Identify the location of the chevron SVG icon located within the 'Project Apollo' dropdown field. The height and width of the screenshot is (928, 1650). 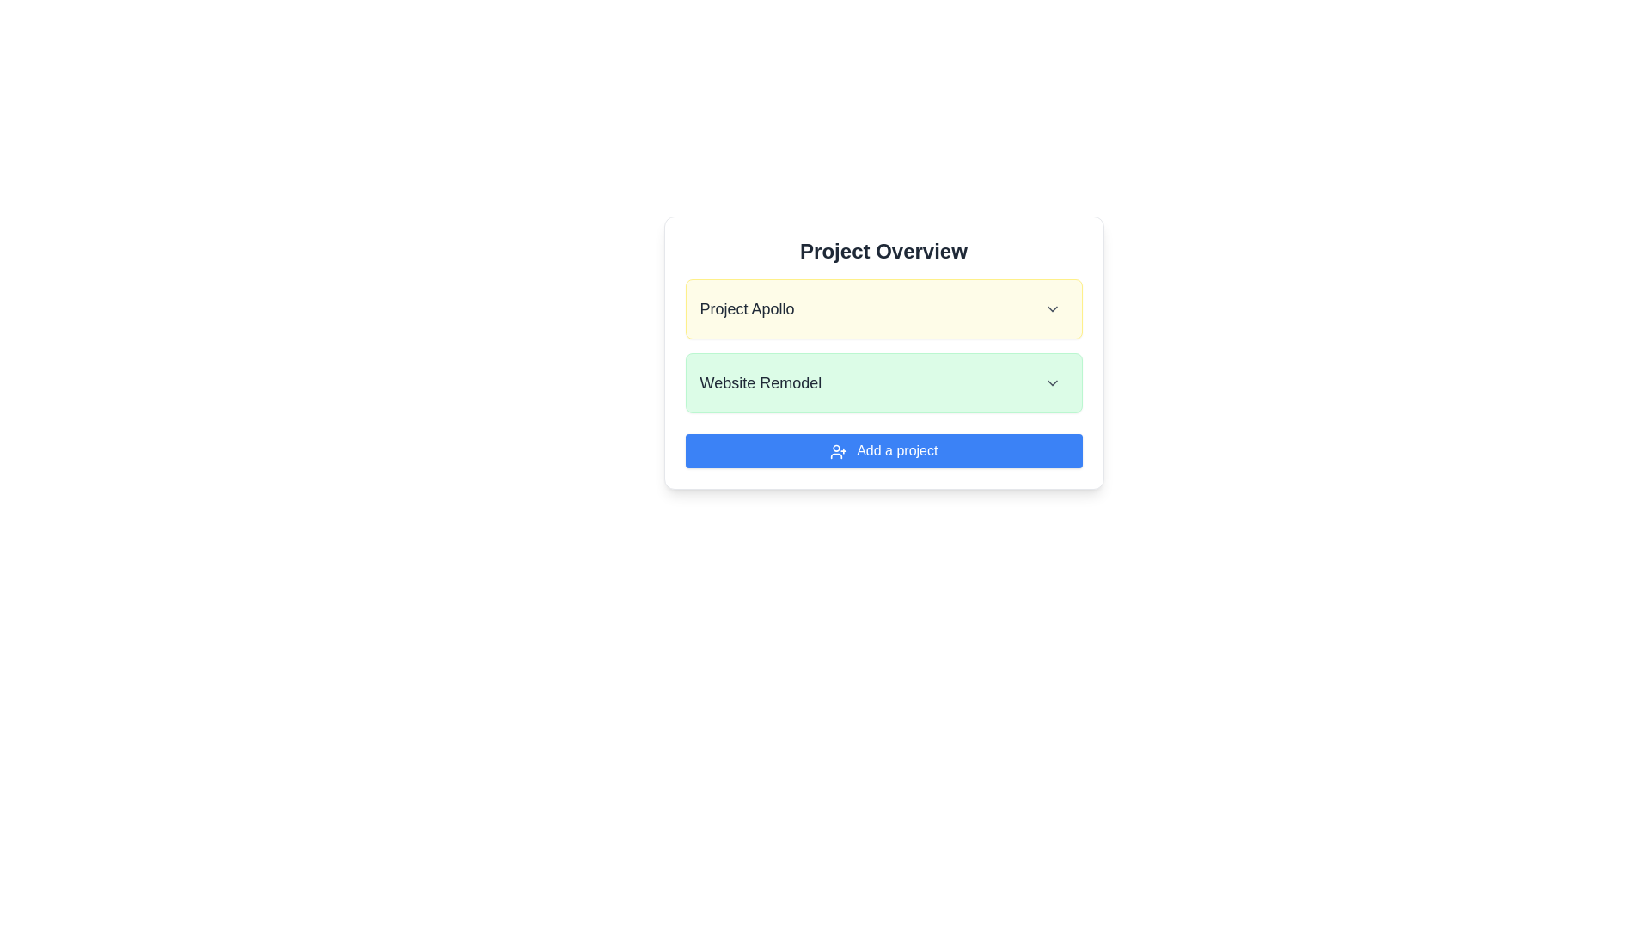
(1051, 308).